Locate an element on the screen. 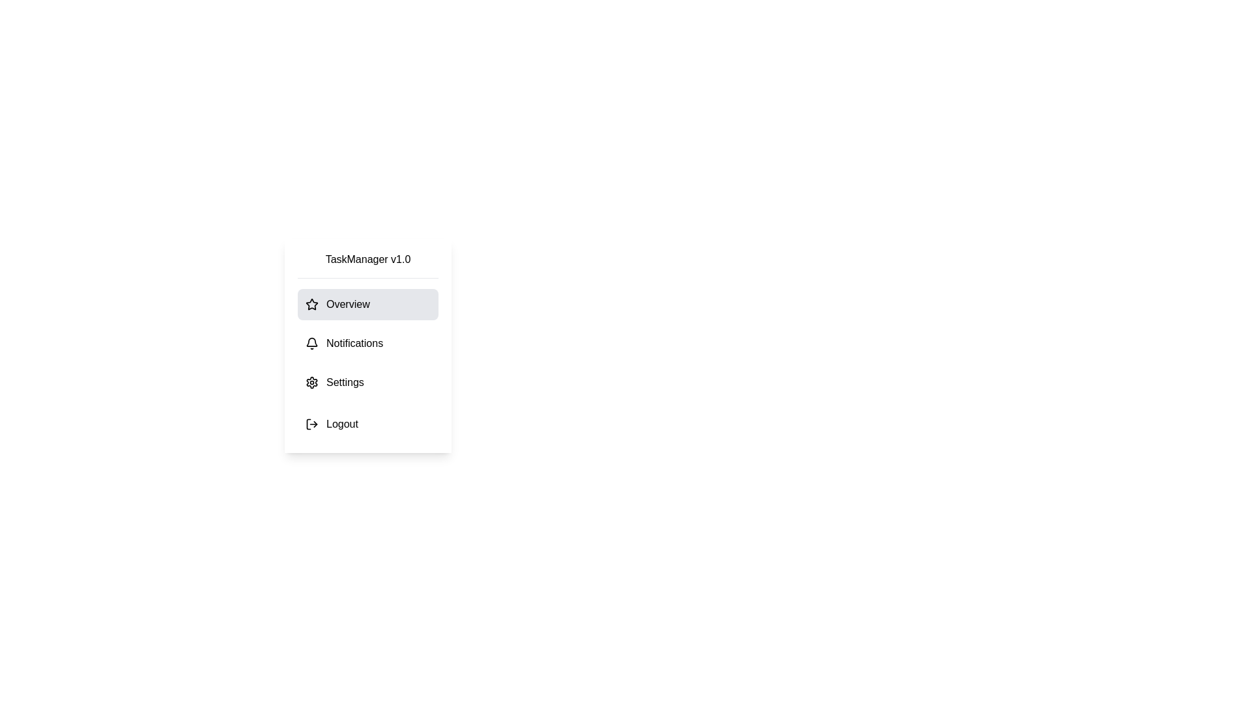  the 'Overview' static text label in the menu section is located at coordinates (348, 304).